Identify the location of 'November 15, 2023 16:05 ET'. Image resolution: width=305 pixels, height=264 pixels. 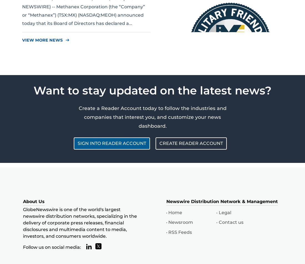
(212, 111).